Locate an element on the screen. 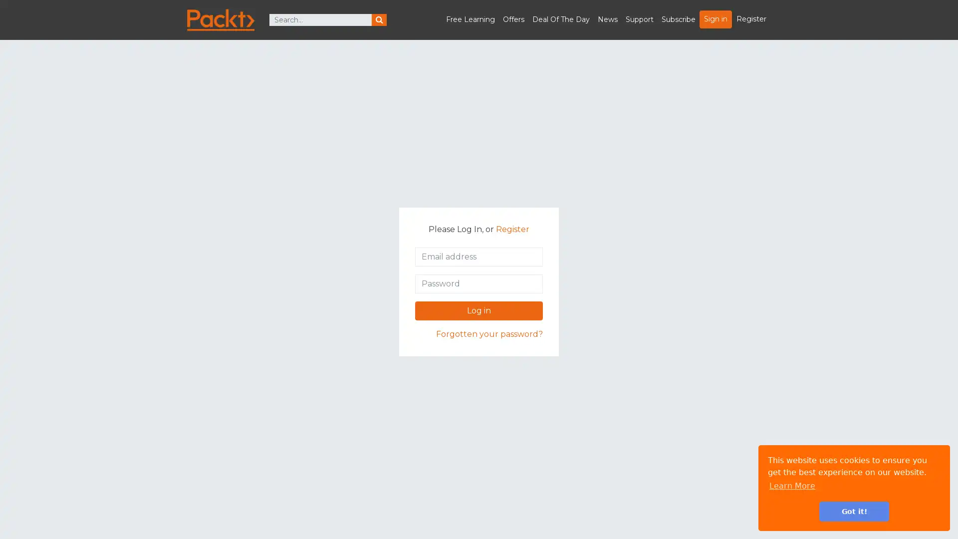 This screenshot has width=958, height=539. learn more about cookies is located at coordinates (792, 485).